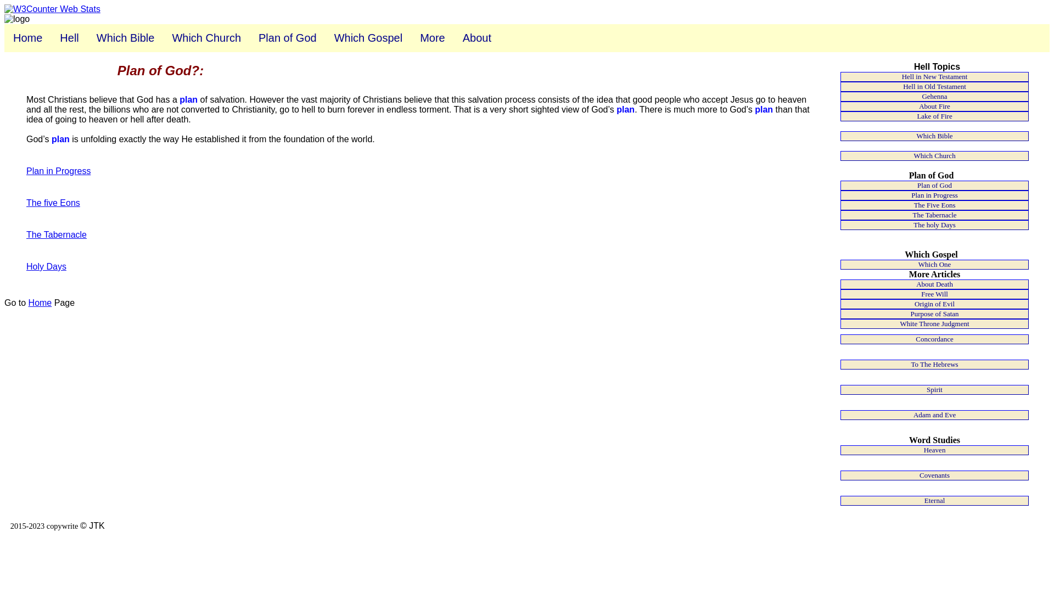  I want to click on 'The five Eons', so click(52, 203).